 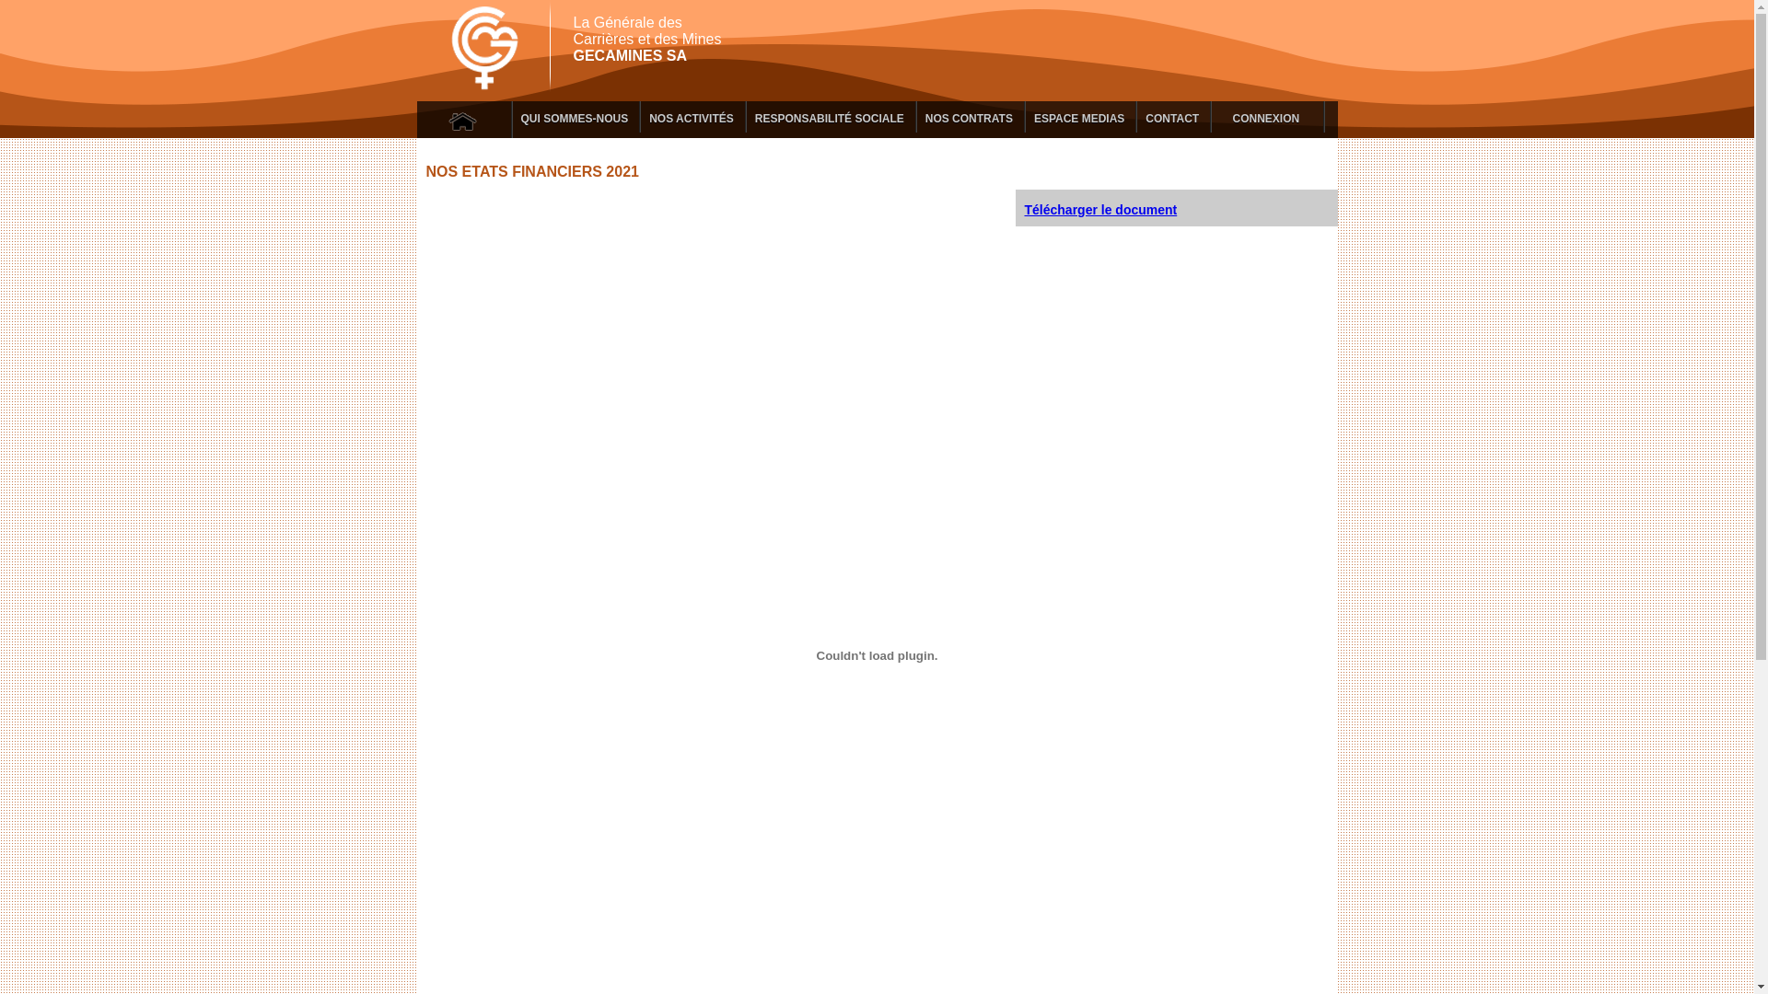 What do you see at coordinates (969, 117) in the screenshot?
I see `'NOS CONTRATS'` at bounding box center [969, 117].